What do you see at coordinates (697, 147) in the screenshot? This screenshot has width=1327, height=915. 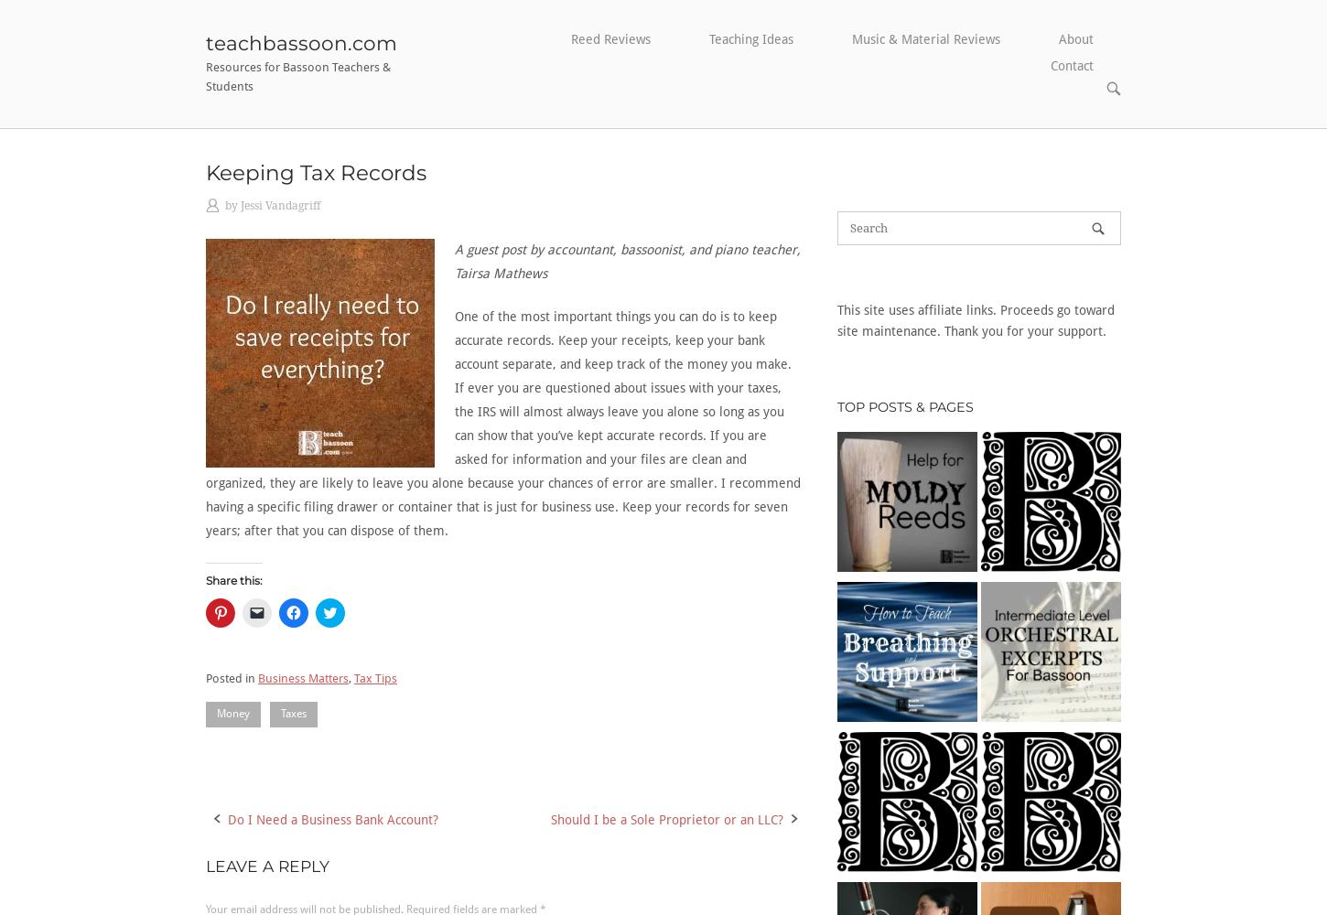 I see `'Group Lesson Ideas'` at bounding box center [697, 147].